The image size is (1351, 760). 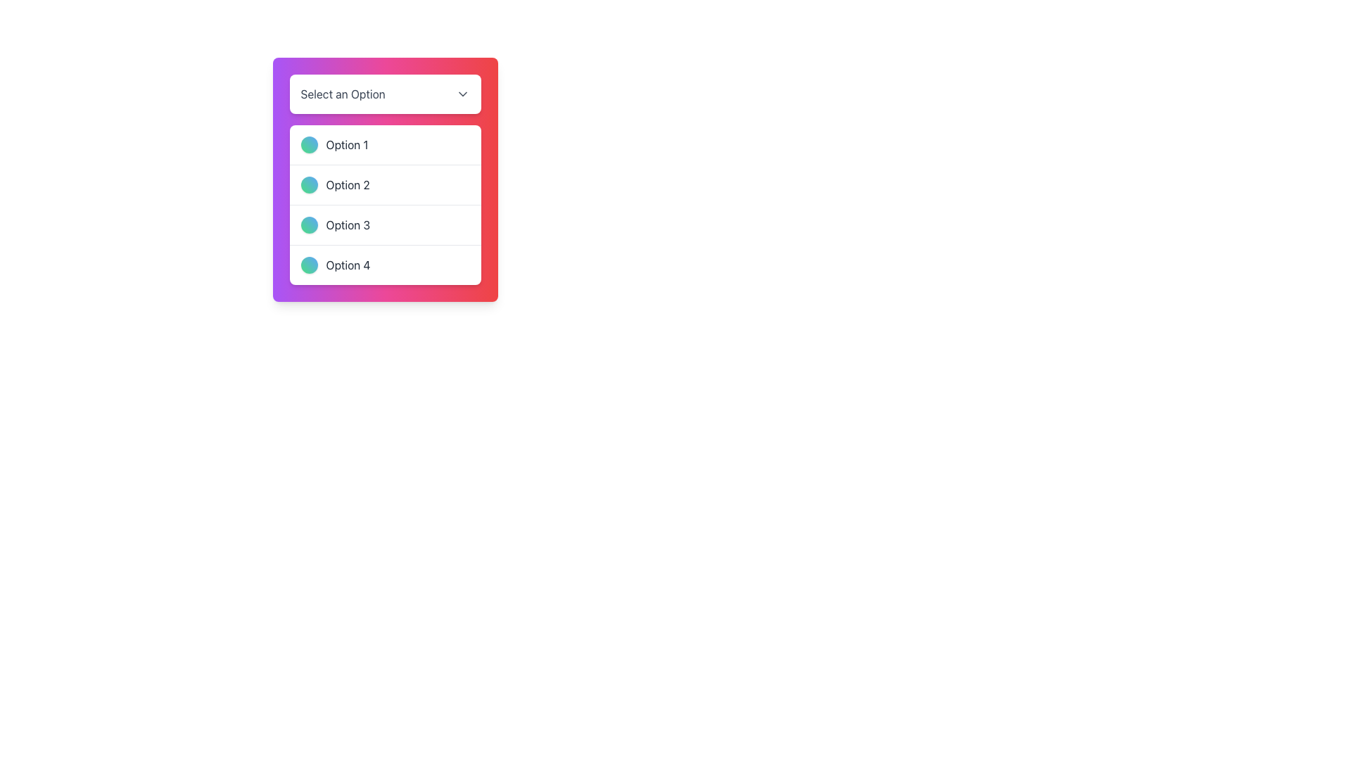 I want to click on displayed text of the label that is the first option in a vertical list within a dropdown interface, located to the right of a circular icon with a gradient background, so click(x=347, y=144).